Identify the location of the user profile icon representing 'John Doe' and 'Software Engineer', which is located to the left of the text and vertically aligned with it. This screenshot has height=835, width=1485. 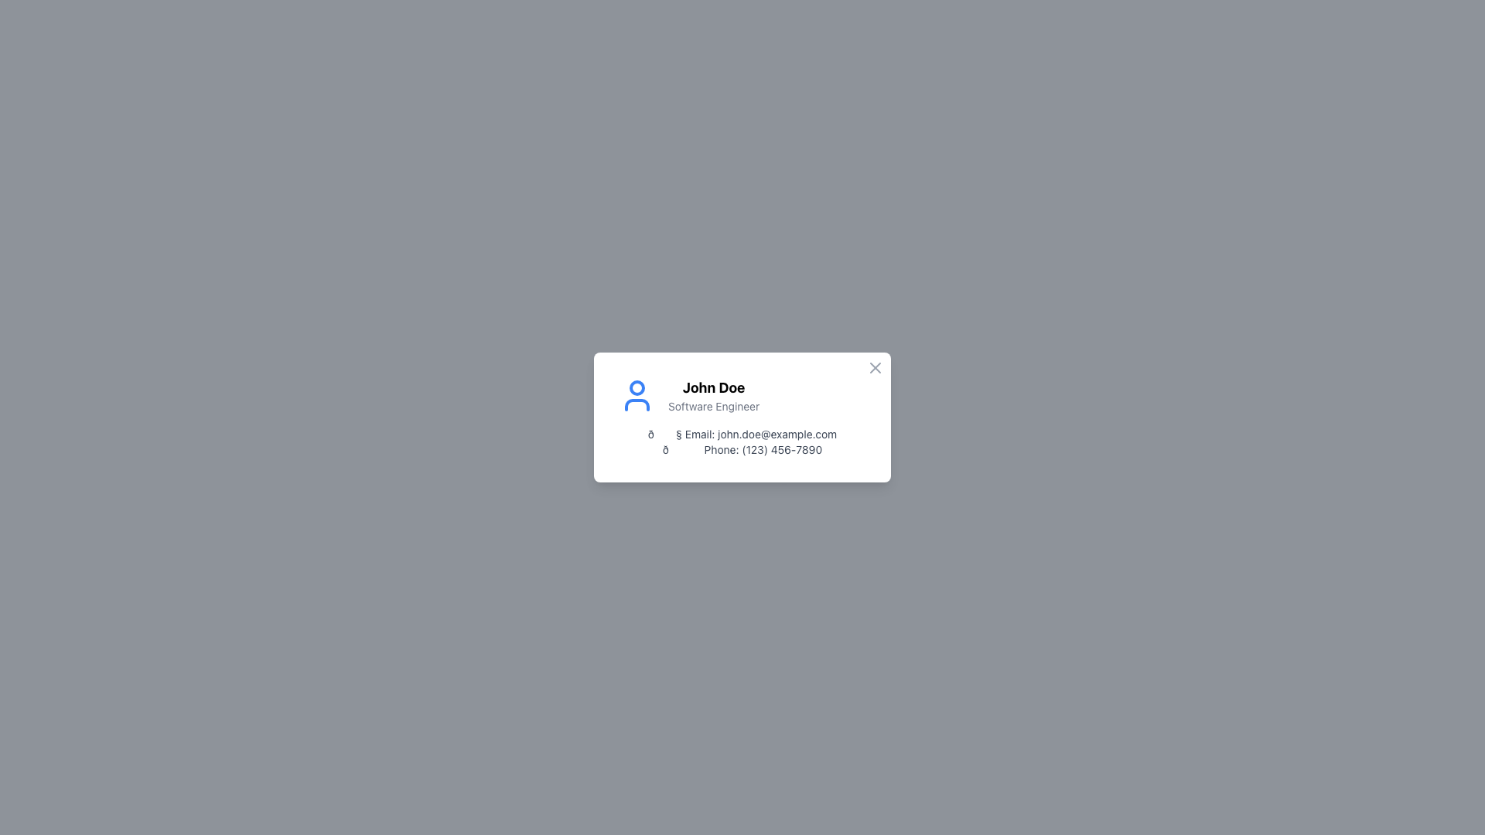
(637, 395).